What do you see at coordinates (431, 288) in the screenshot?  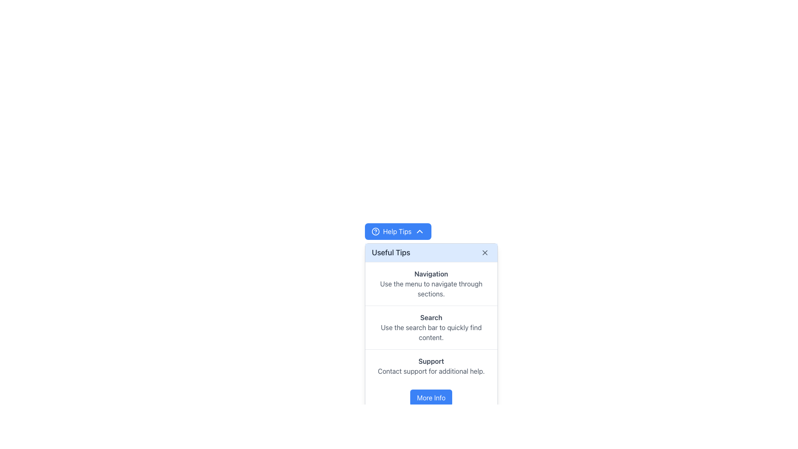 I see `text block displaying the message 'Use the menu to navigate through sections.' located in the 'Useful Tips' popup under the 'Navigation' header` at bounding box center [431, 288].